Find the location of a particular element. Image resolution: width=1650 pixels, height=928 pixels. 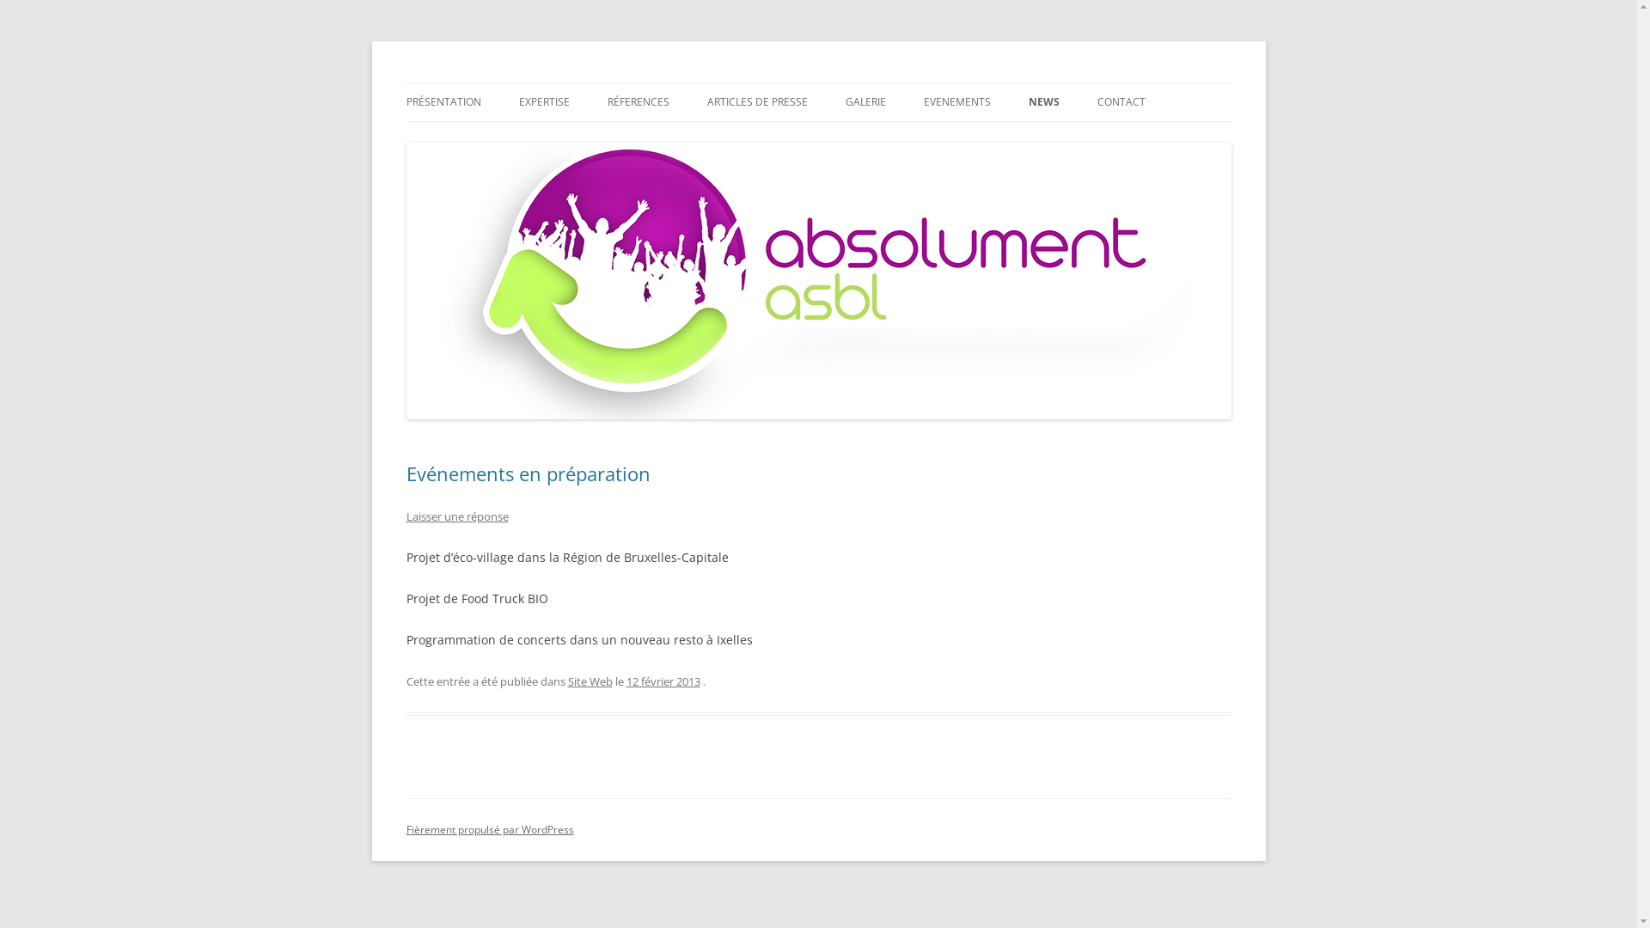

'EXPERTISE' is located at coordinates (543, 102).